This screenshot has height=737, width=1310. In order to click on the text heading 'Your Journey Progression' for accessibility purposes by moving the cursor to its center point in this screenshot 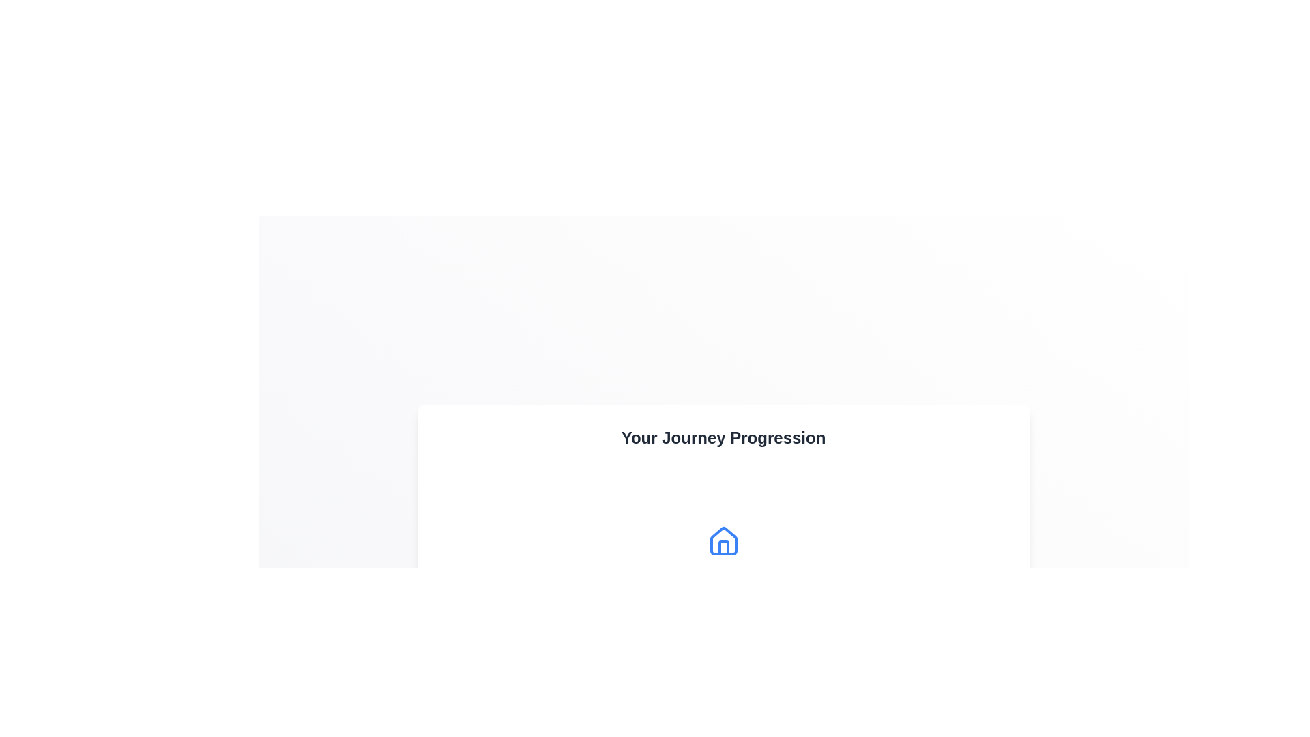, I will do `click(723, 437)`.